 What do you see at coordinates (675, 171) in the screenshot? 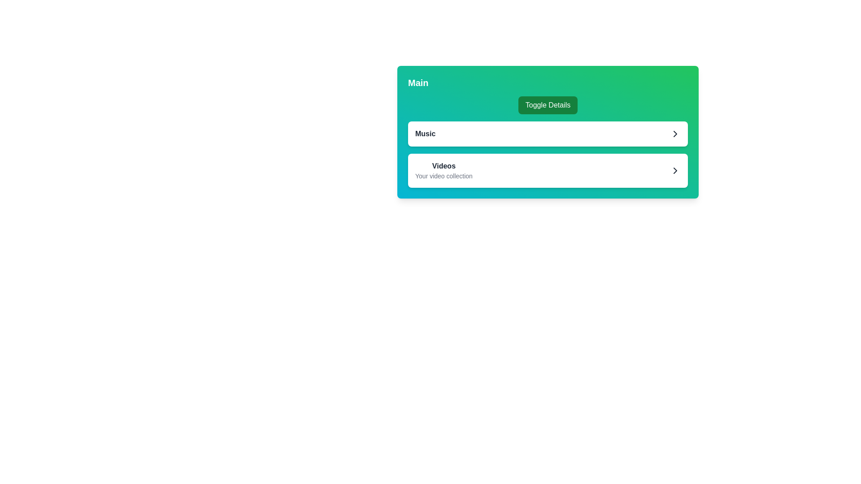
I see `the right-arrow icon, which is a dark-colored SVG-based graphical component located at the rightmost side of the card below the 'Videos' section` at bounding box center [675, 171].